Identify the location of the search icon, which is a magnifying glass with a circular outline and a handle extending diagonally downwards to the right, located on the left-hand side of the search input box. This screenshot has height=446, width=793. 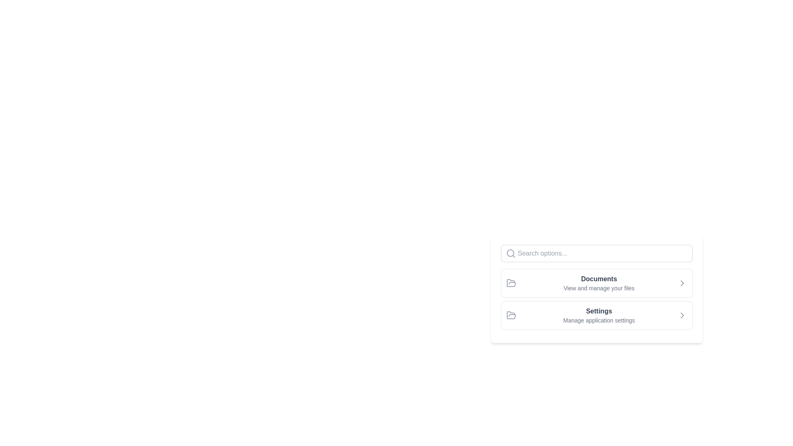
(510, 253).